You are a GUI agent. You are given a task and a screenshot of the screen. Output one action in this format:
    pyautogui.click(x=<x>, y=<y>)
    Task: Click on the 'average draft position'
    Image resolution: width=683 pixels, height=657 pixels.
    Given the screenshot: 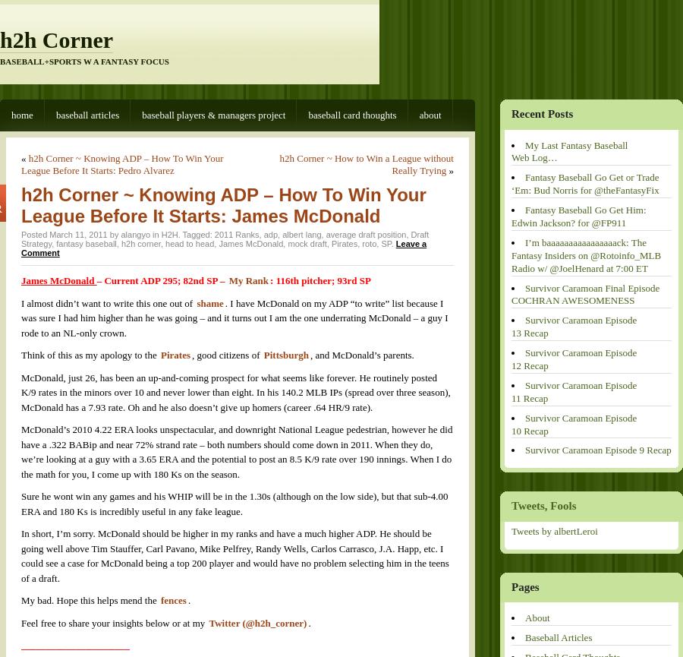 What is the action you would take?
    pyautogui.click(x=365, y=234)
    